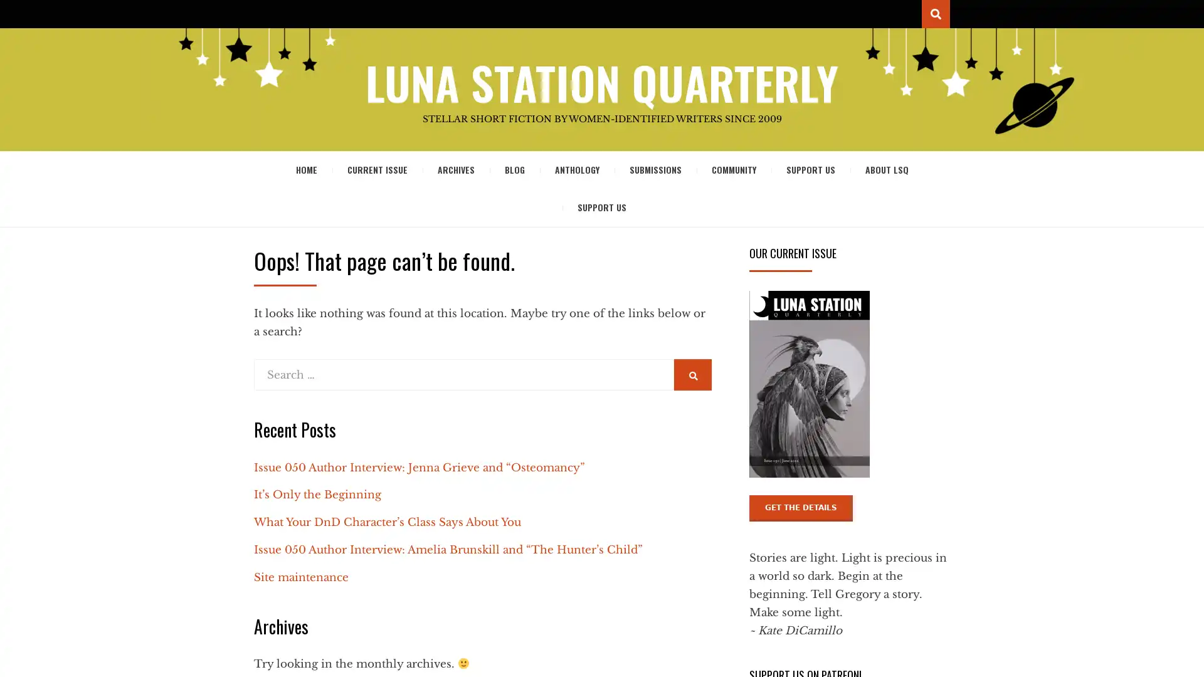 This screenshot has height=677, width=1204. I want to click on SEARCH, so click(692, 374).